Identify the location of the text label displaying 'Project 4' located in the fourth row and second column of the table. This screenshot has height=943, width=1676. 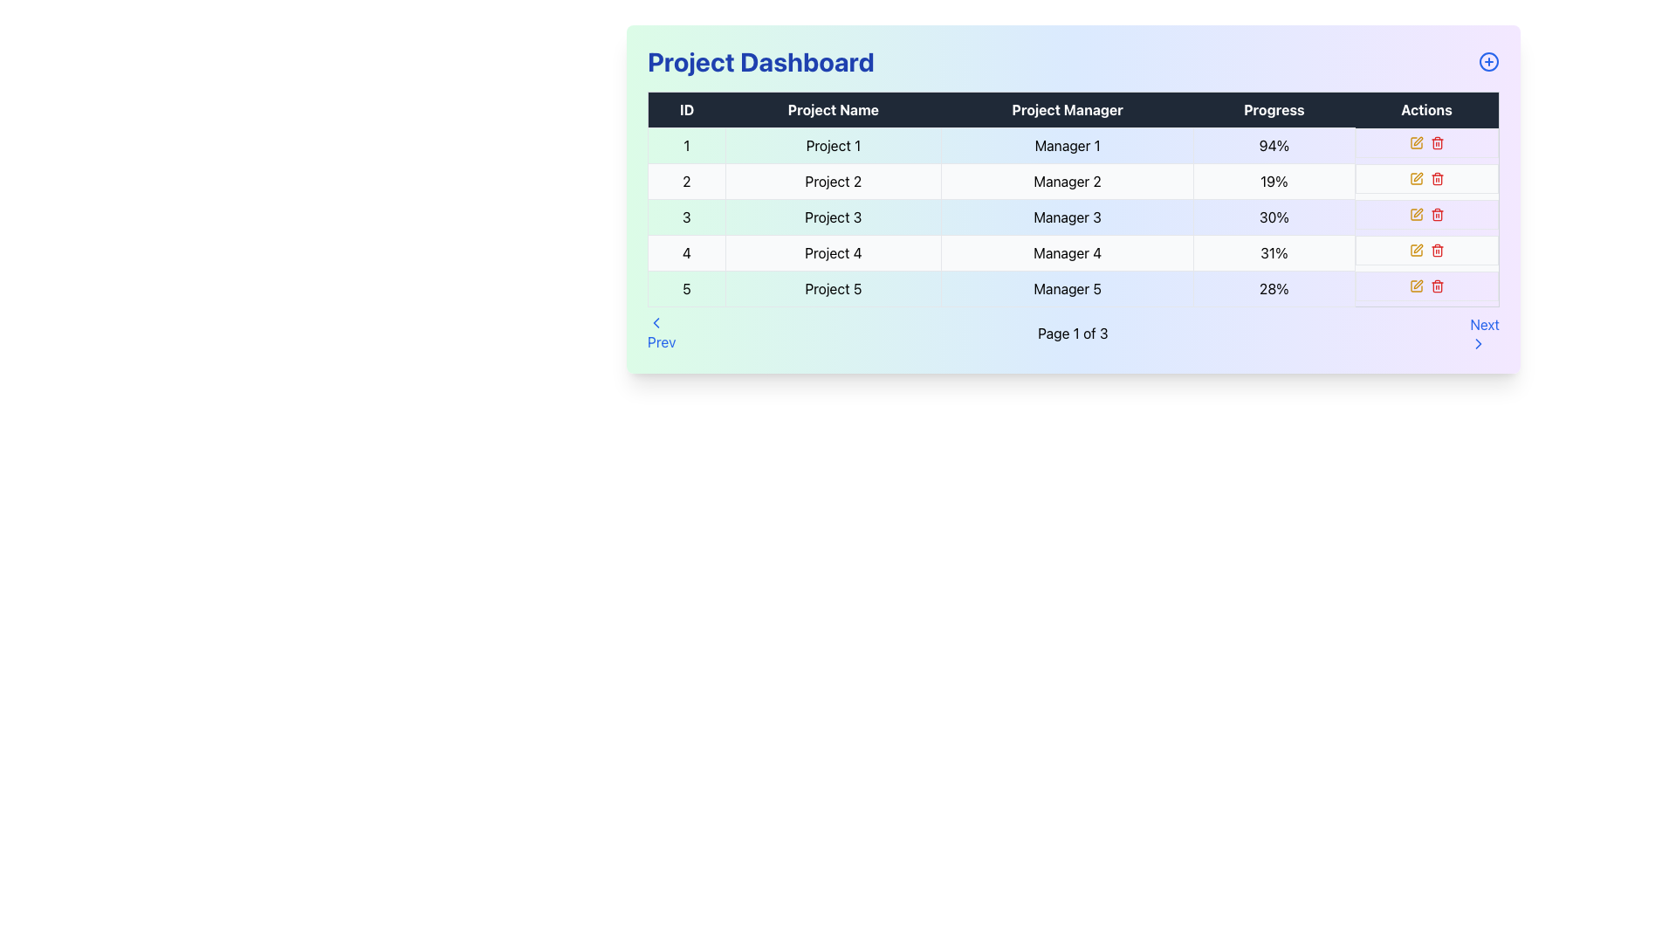
(832, 252).